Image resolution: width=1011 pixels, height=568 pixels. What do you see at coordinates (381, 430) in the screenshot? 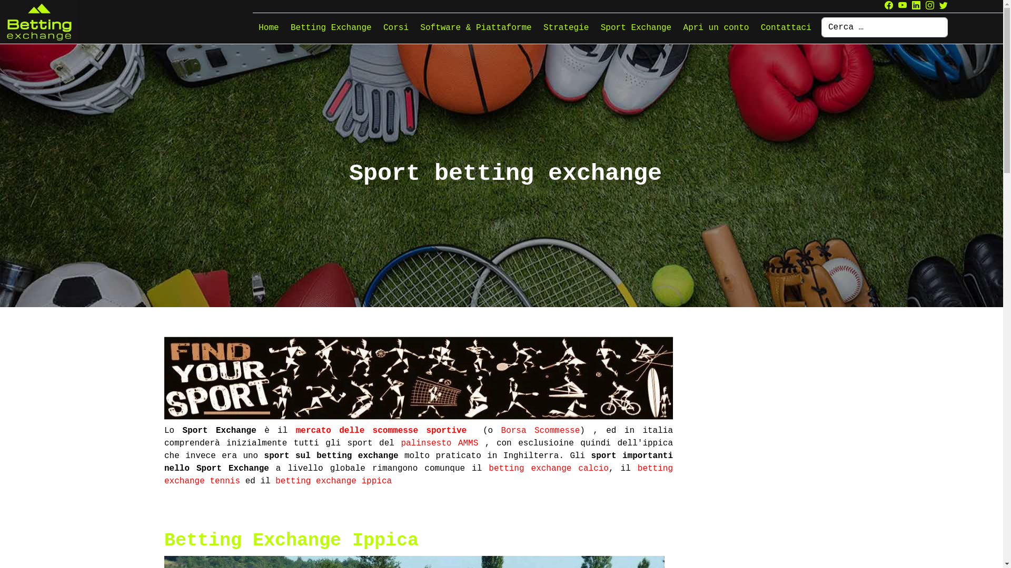
I see `'mercato delle scommesse sportive'` at bounding box center [381, 430].